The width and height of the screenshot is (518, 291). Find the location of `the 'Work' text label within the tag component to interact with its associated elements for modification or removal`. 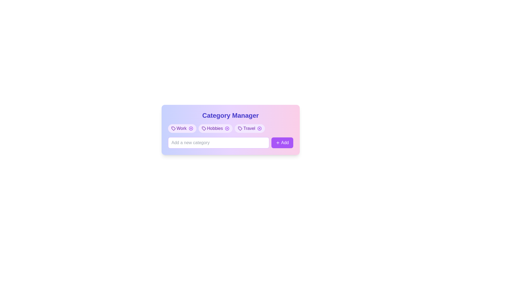

the 'Work' text label within the tag component to interact with its associated elements for modification or removal is located at coordinates (181, 129).